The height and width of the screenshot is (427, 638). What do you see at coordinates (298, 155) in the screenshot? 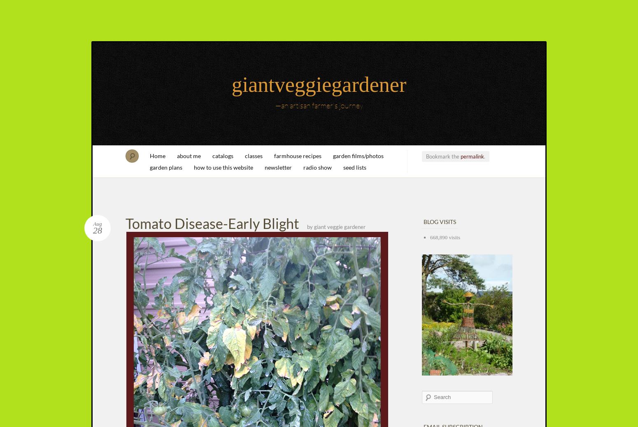
I see `'farmhouse recipes'` at bounding box center [298, 155].